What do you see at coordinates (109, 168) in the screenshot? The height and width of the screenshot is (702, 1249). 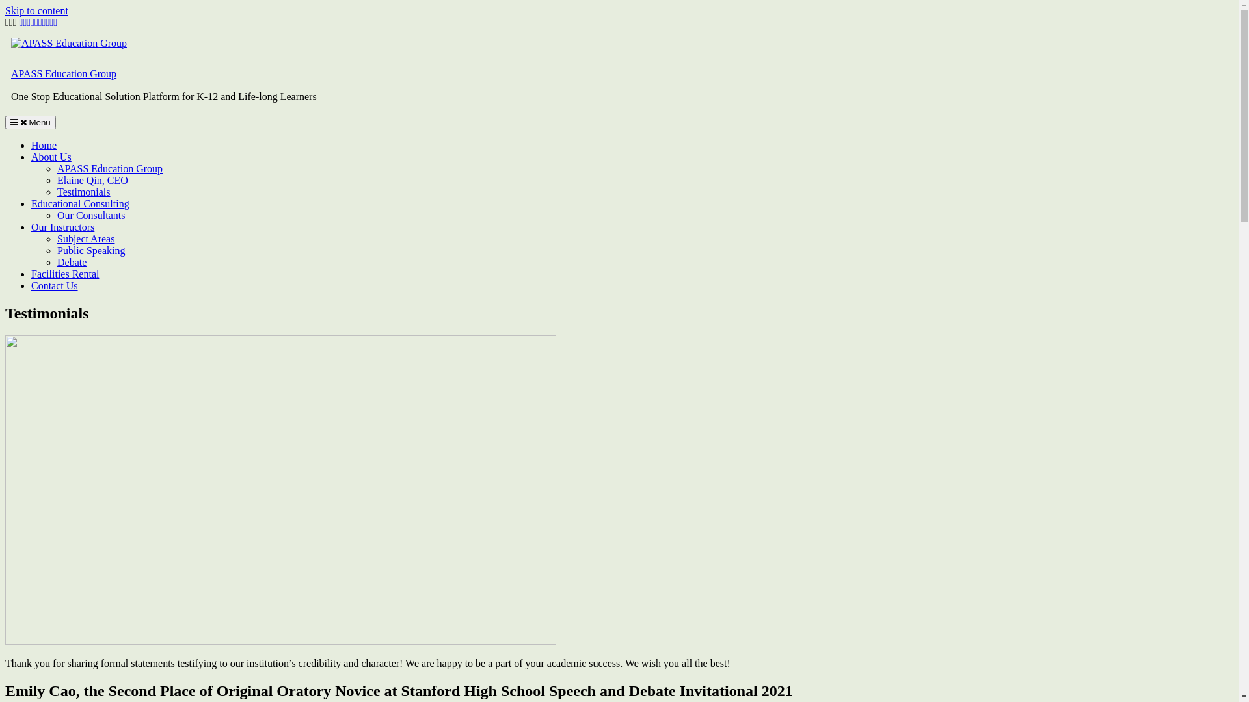 I see `'APASS Education Group'` at bounding box center [109, 168].